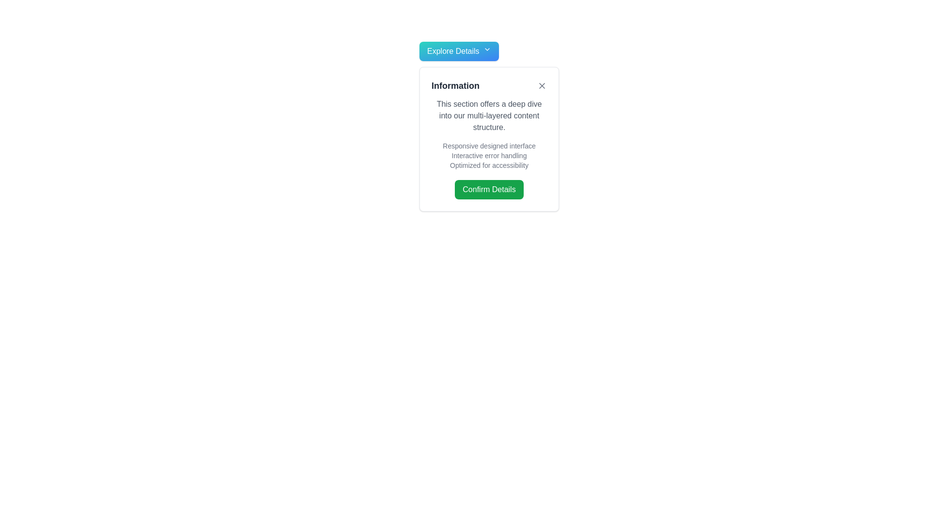  Describe the element at coordinates (542, 85) in the screenshot. I see `the close button located at the top-right corner of the 'Information' card` at that location.